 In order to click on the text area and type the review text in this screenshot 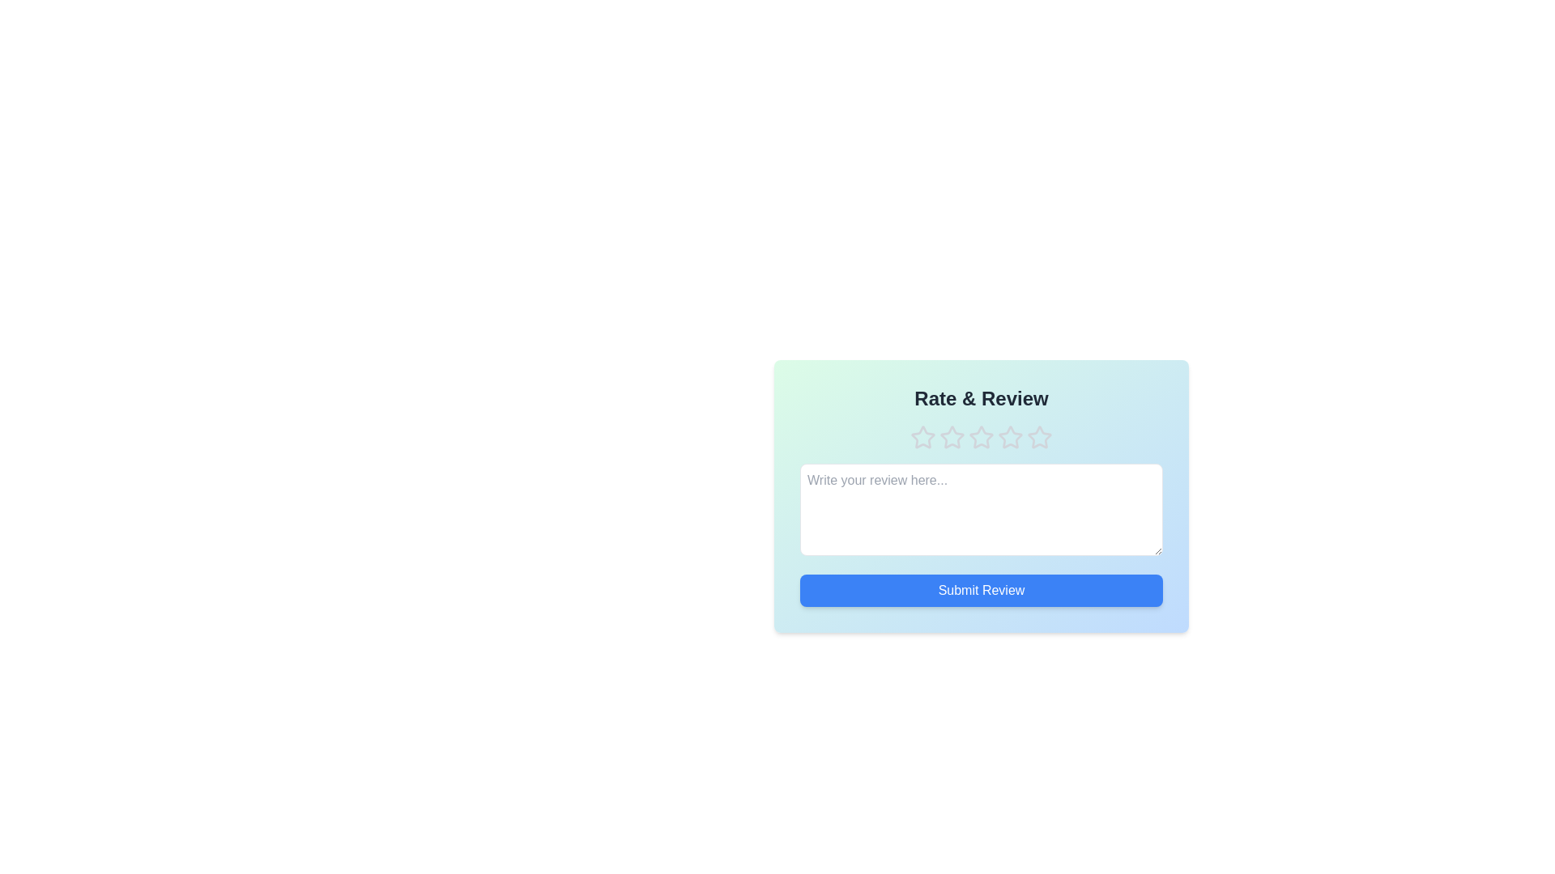, I will do `click(980, 508)`.